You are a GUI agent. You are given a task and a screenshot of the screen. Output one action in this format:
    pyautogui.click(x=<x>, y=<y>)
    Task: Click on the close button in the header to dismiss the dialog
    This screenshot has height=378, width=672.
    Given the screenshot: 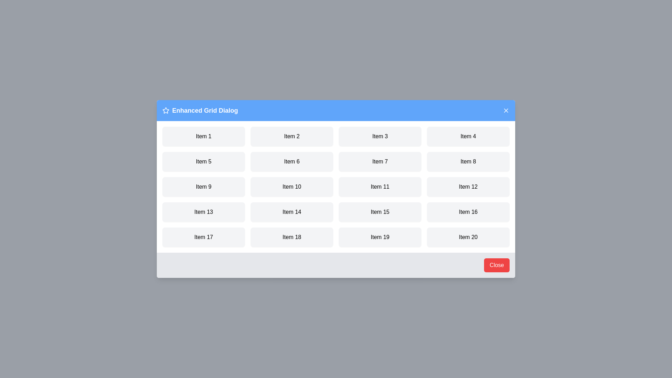 What is the action you would take?
    pyautogui.click(x=506, y=110)
    